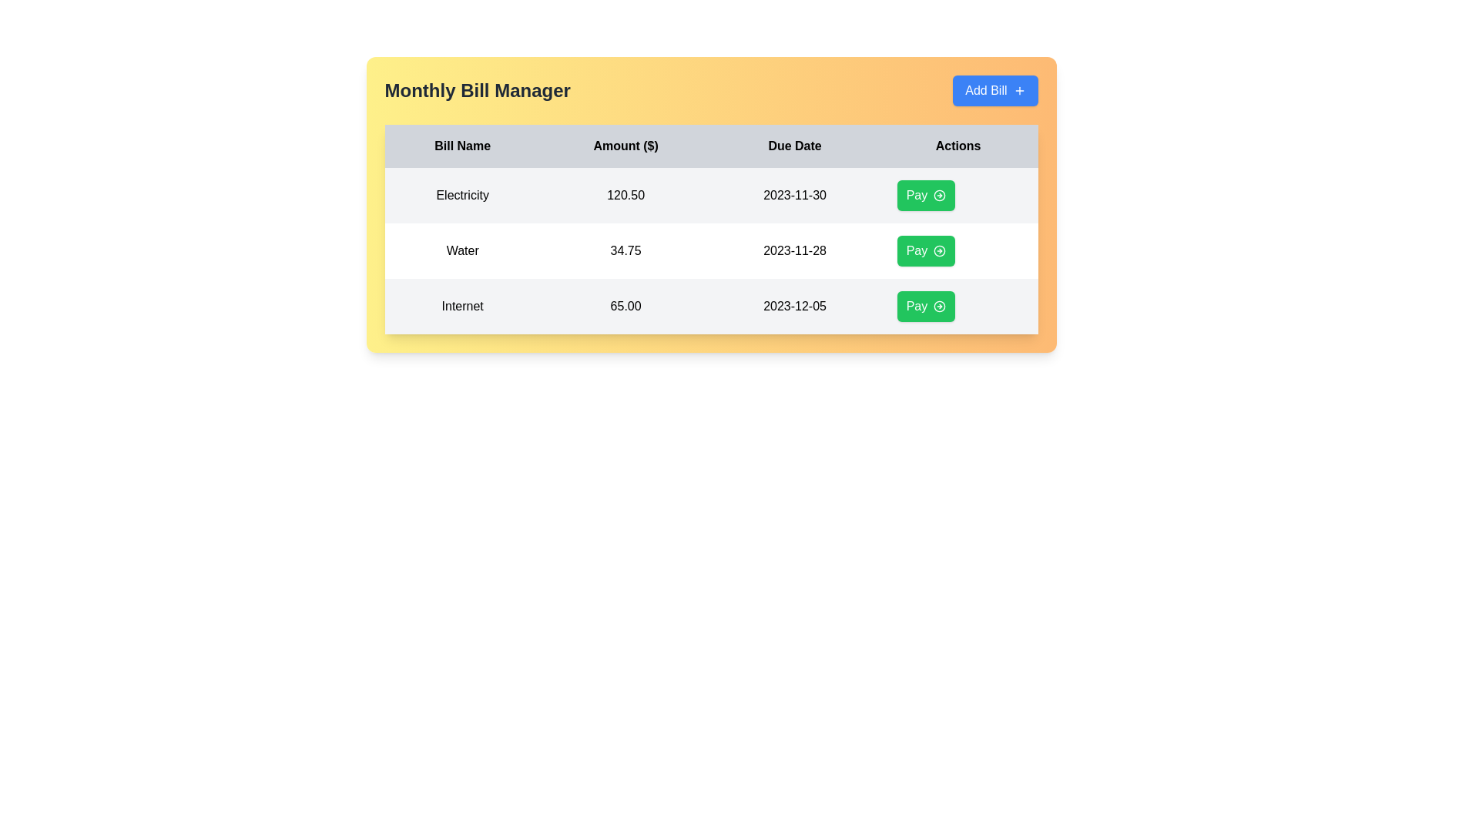  I want to click on the text display cell showing the monetary value '120.50' in the table under the column 'Amount ($)'. This cell is the second in the first data row, positioned between 'Electricity' and '2023-11-30', so click(625, 195).